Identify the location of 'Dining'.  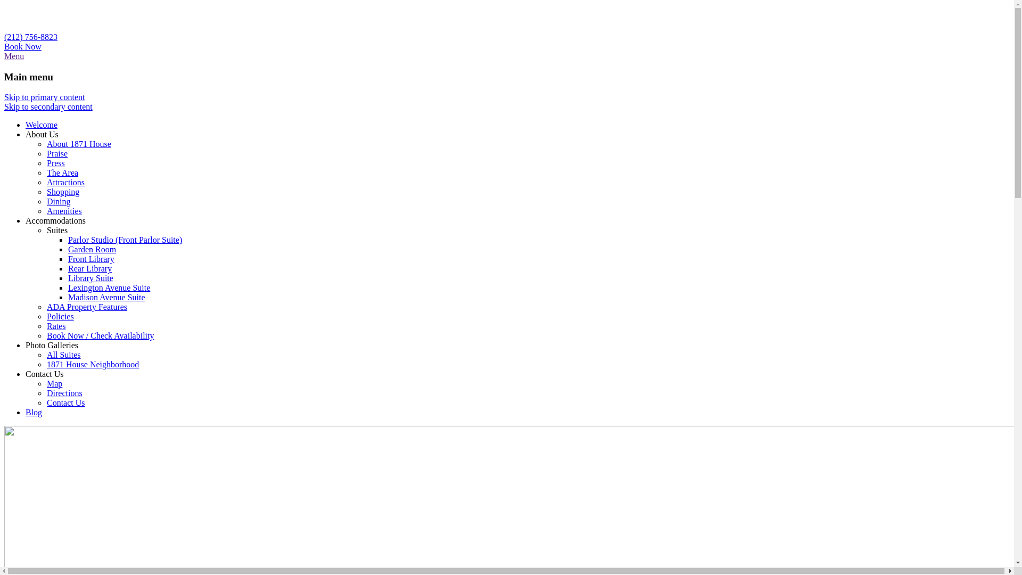
(46, 201).